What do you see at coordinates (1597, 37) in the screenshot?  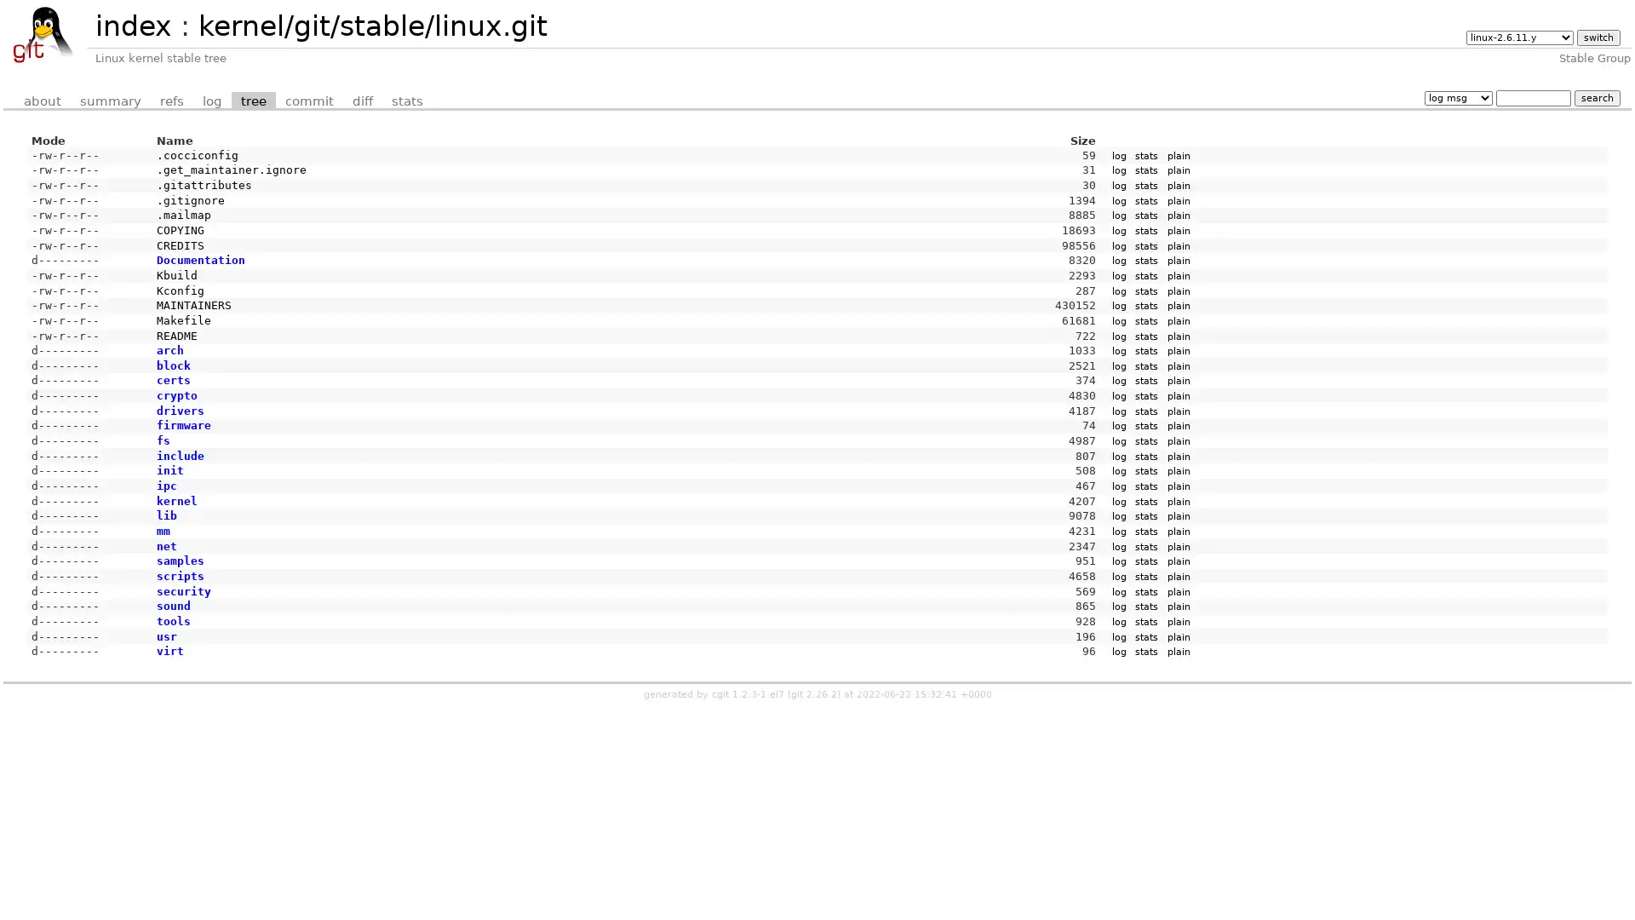 I see `switch` at bounding box center [1597, 37].